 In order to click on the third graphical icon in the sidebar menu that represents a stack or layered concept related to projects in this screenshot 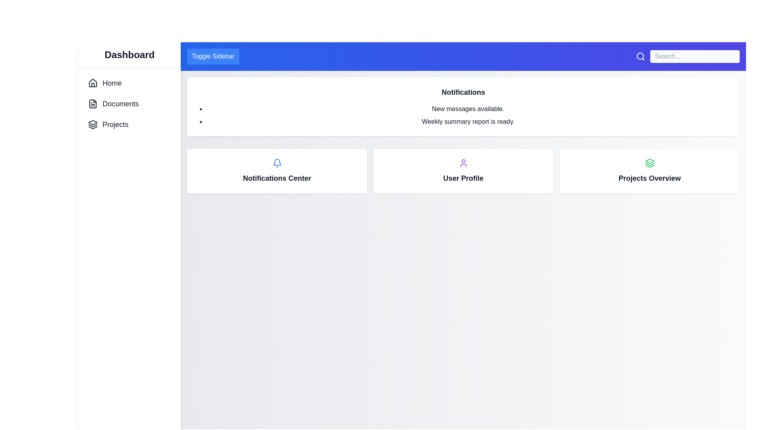, I will do `click(93, 127)`.